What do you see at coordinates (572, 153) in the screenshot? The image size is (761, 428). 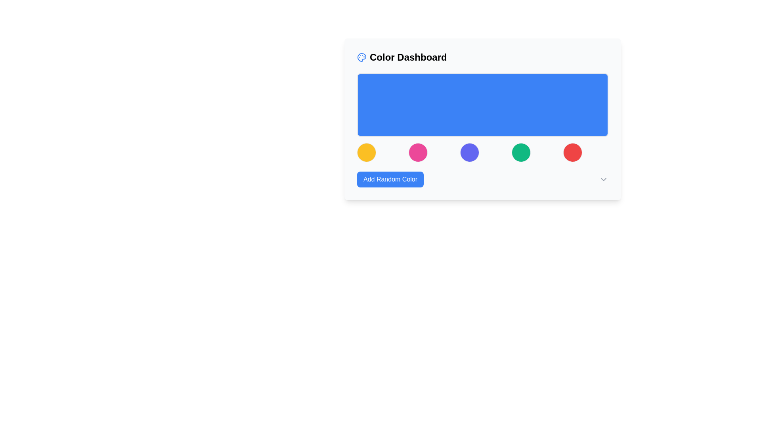 I see `the fifth circular, red-colored button located at the bottom-right of the grid layout` at bounding box center [572, 153].